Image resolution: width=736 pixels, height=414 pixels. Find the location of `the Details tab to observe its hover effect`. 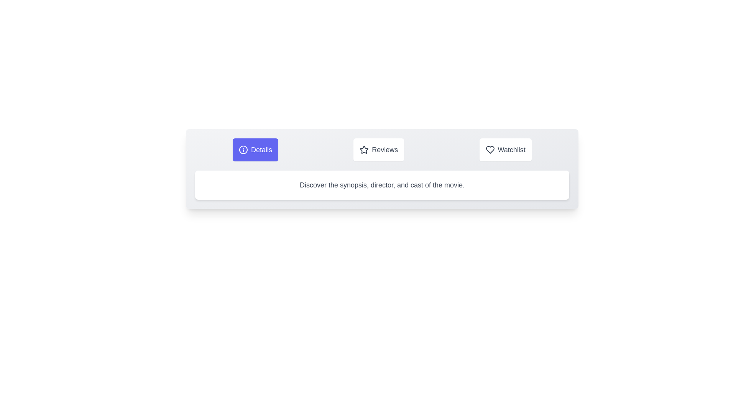

the Details tab to observe its hover effect is located at coordinates (255, 149).